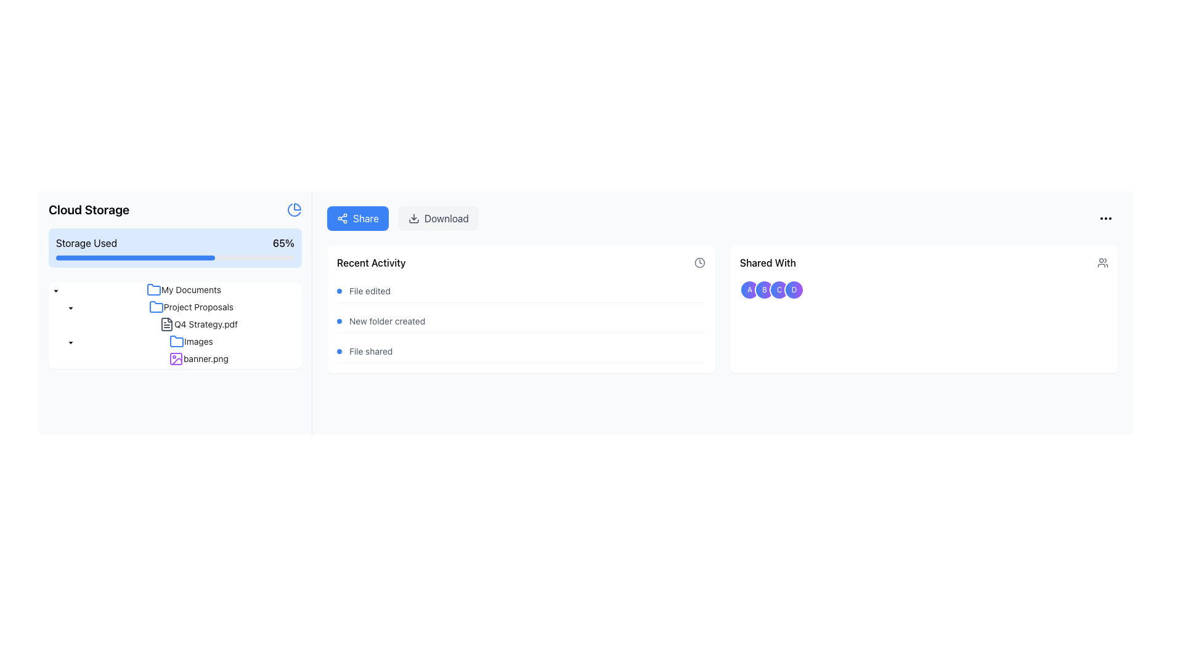  I want to click on the 'Images' label located within the tree structure under the 'Cloud Storage' section, so click(198, 341).